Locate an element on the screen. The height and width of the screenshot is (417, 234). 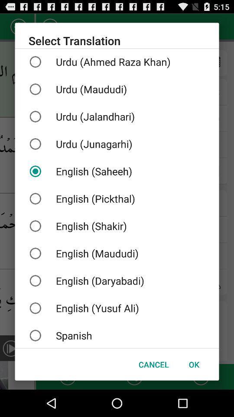
the icon next to the cancel icon is located at coordinates (194, 364).